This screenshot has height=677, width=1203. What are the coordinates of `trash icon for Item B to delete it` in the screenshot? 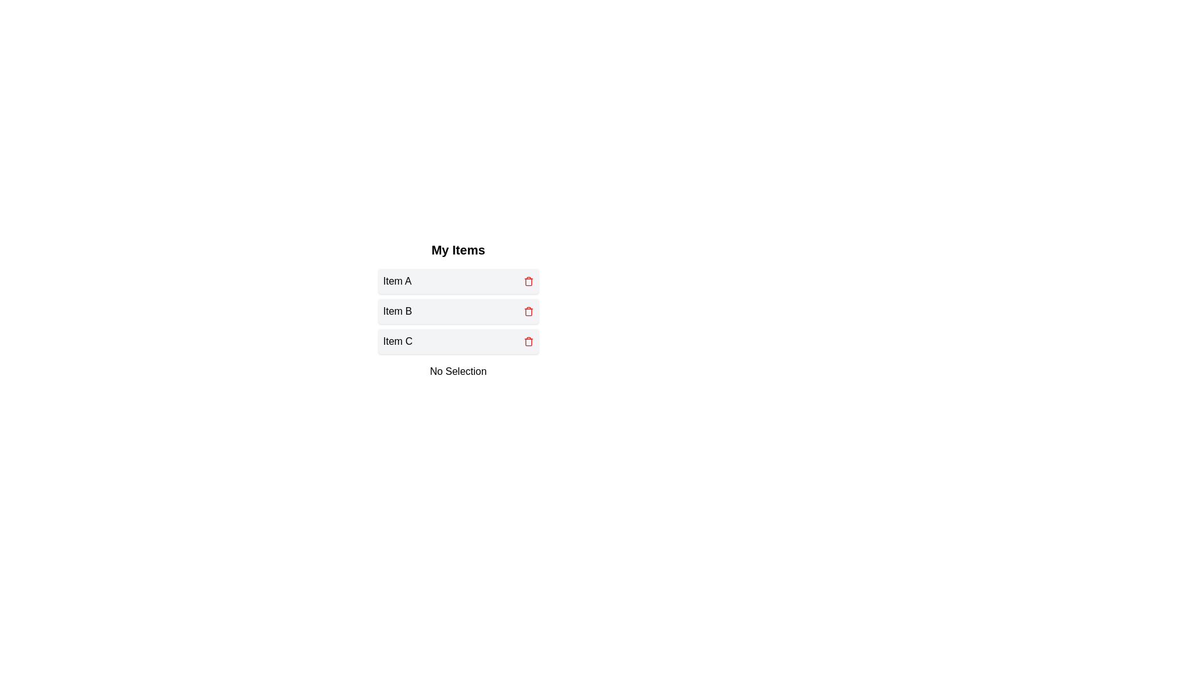 It's located at (528, 311).